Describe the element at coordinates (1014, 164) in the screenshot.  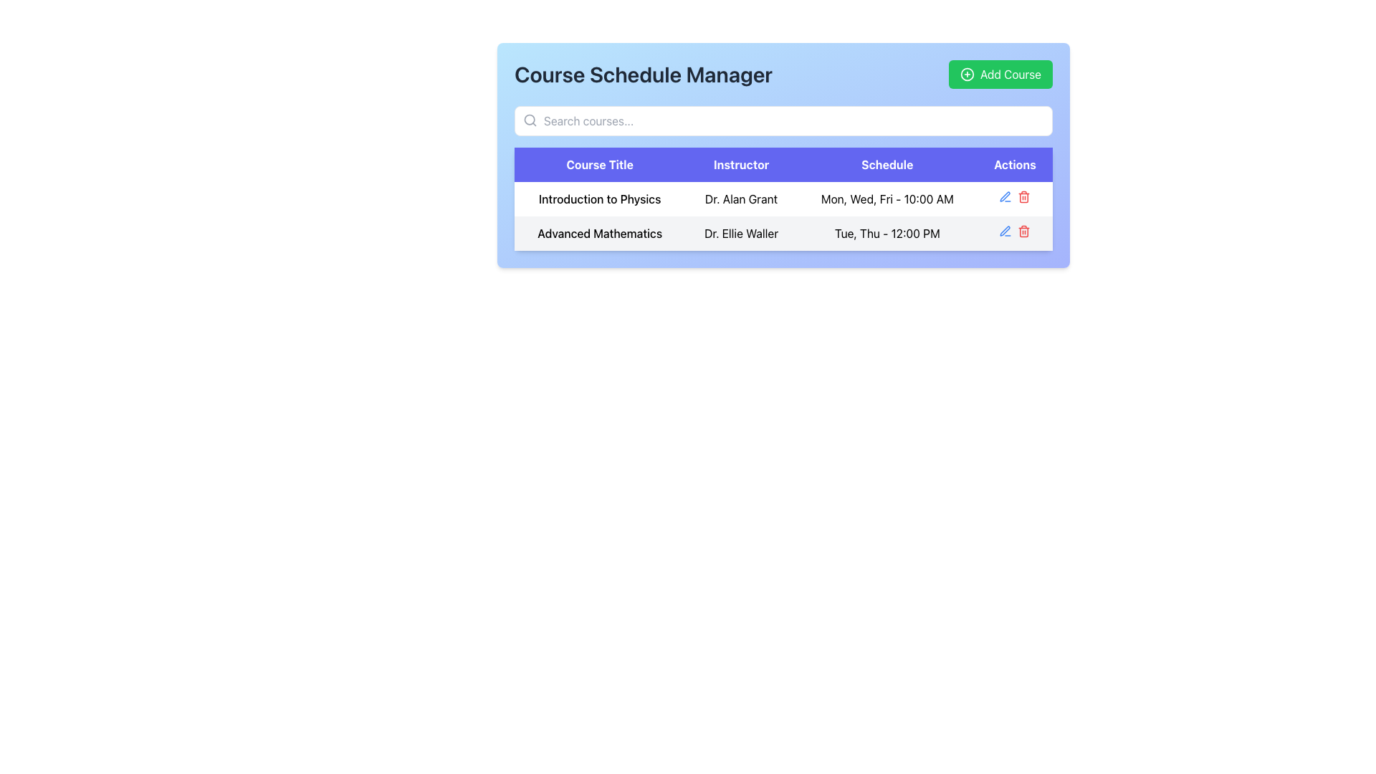
I see `the Table Header Cell with the blue background containing the bold white text 'Actions', located in the top-right corner of the row in the fourth column of the table header` at that location.